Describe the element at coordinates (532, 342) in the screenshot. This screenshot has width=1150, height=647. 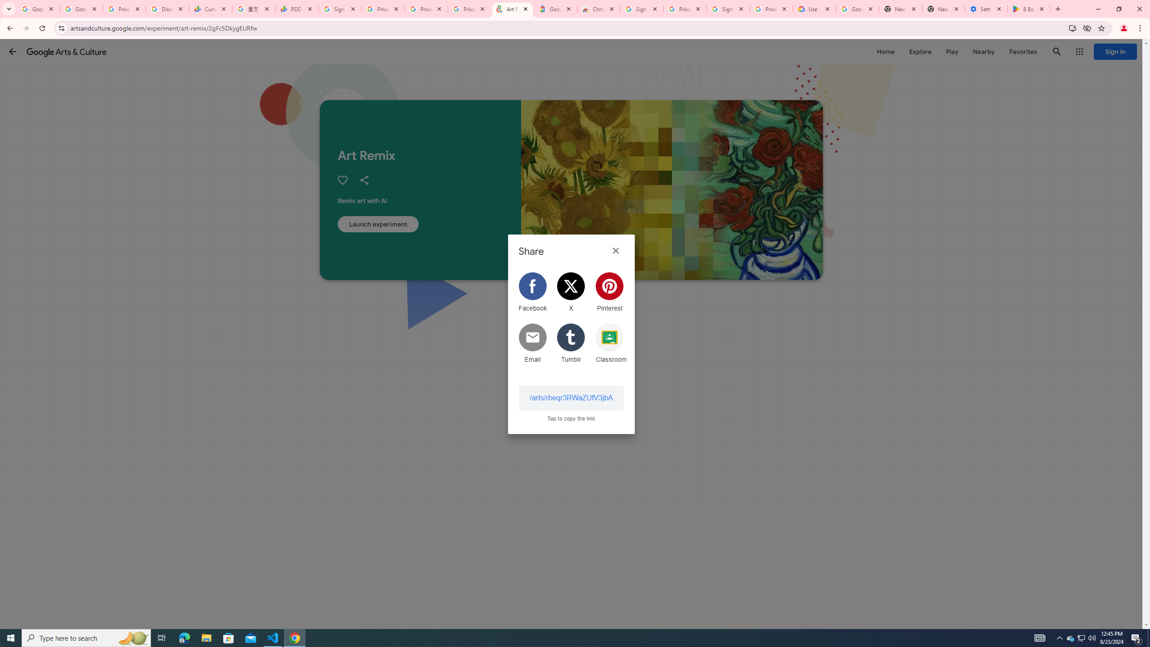
I see `'Share by email'` at that location.